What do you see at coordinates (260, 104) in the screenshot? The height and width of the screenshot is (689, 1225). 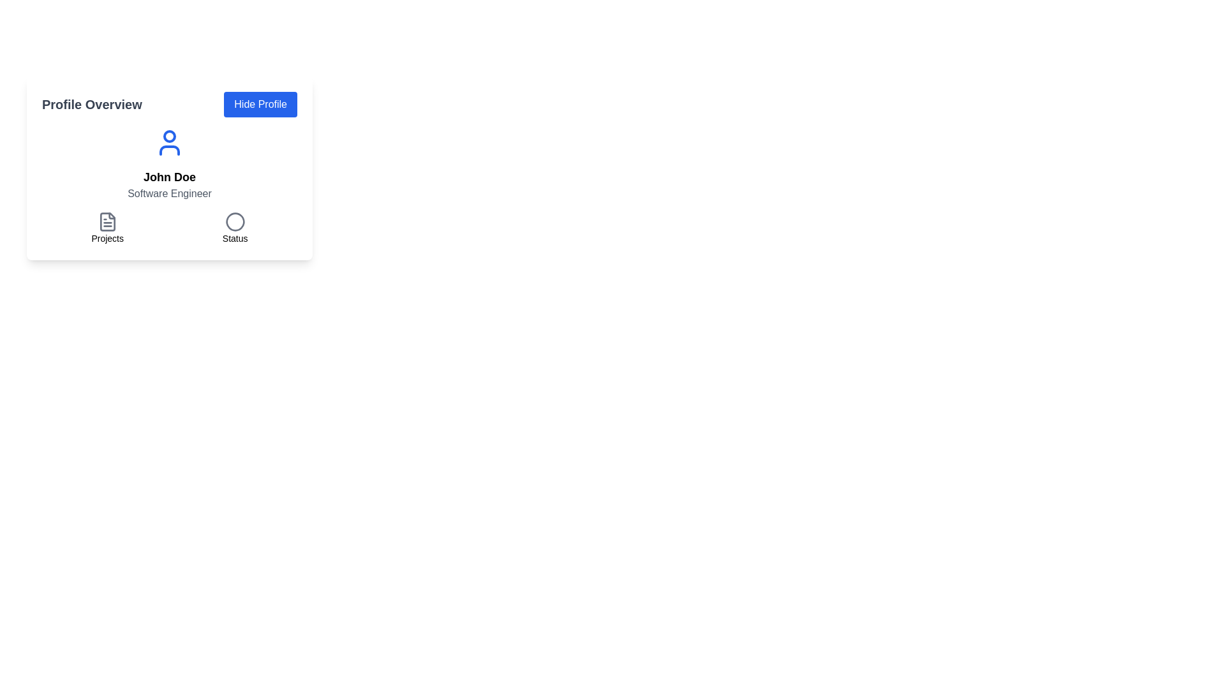 I see `the 'Hide Profile' button with rounded edges in the 'Profile Overview' section` at bounding box center [260, 104].